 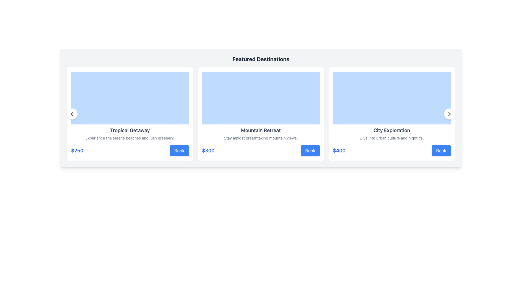 I want to click on text label located in the third card, positioned beneath the image area and above the descriptive text, so click(x=391, y=130).